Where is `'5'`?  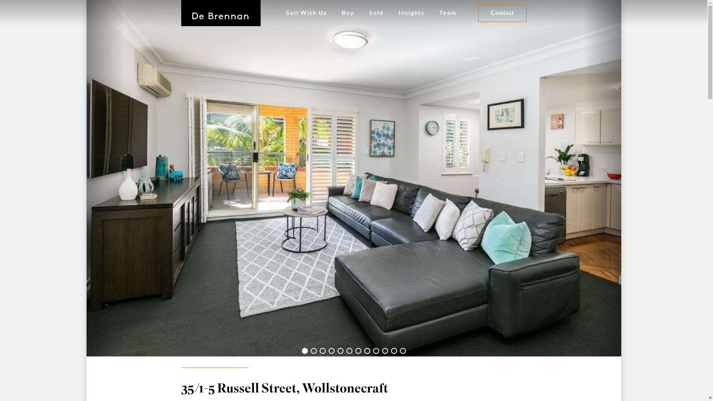
'5' is located at coordinates (340, 351).